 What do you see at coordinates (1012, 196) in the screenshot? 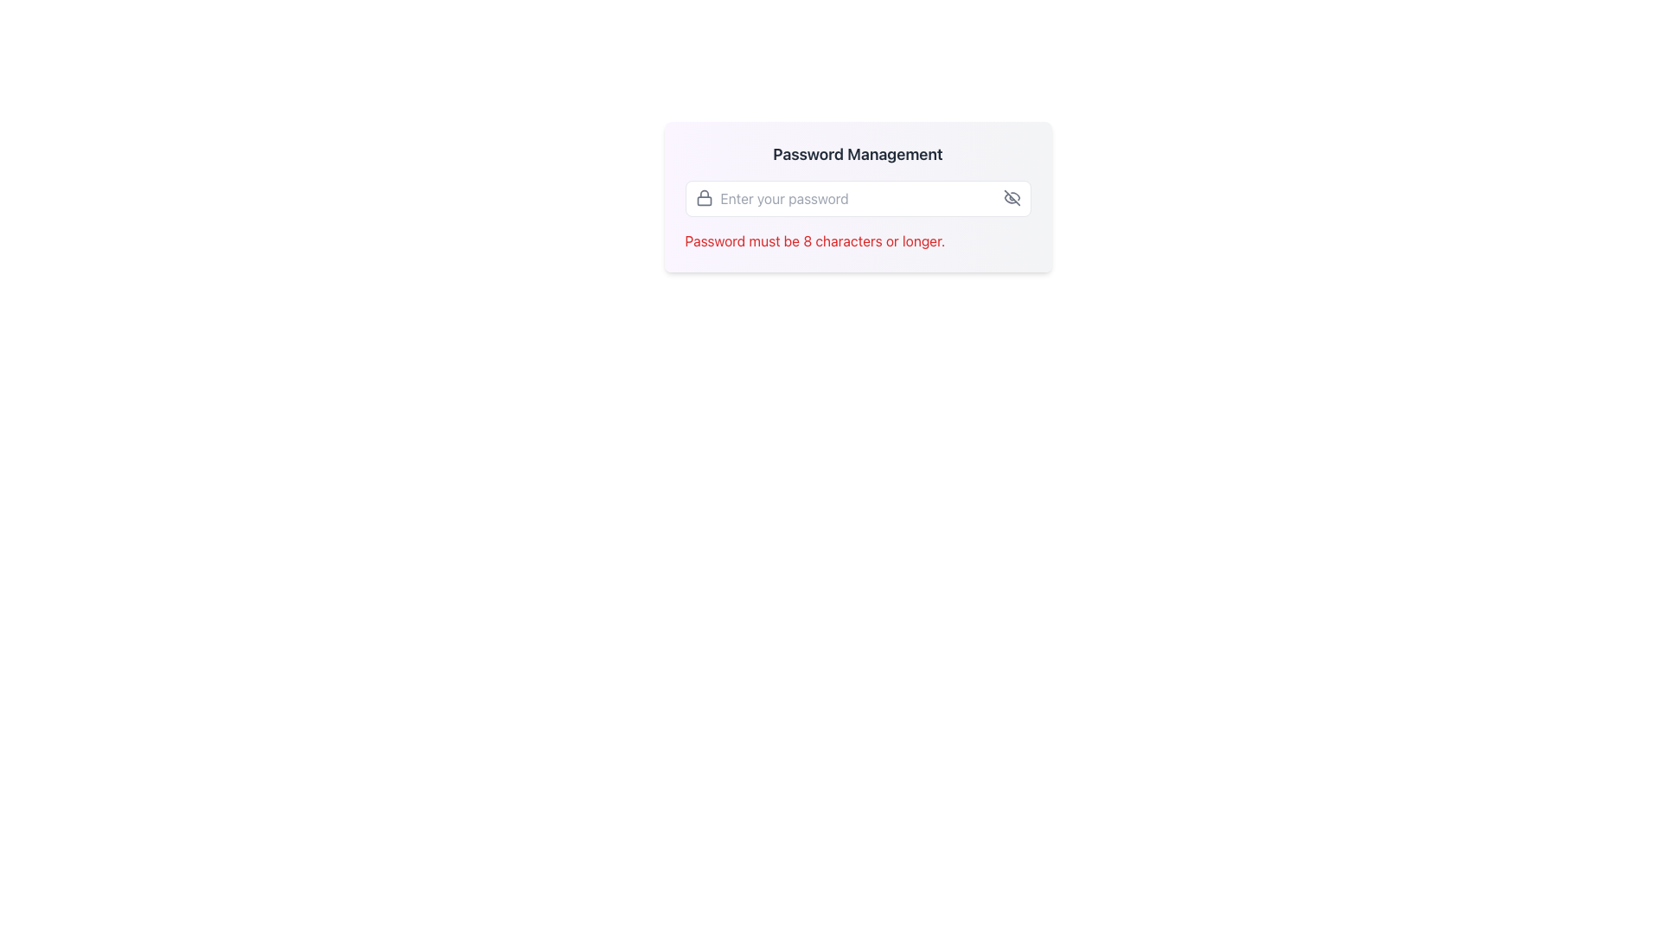
I see `the visibility toggle icon resembling an 'eye with a slash' within the password input field` at bounding box center [1012, 196].